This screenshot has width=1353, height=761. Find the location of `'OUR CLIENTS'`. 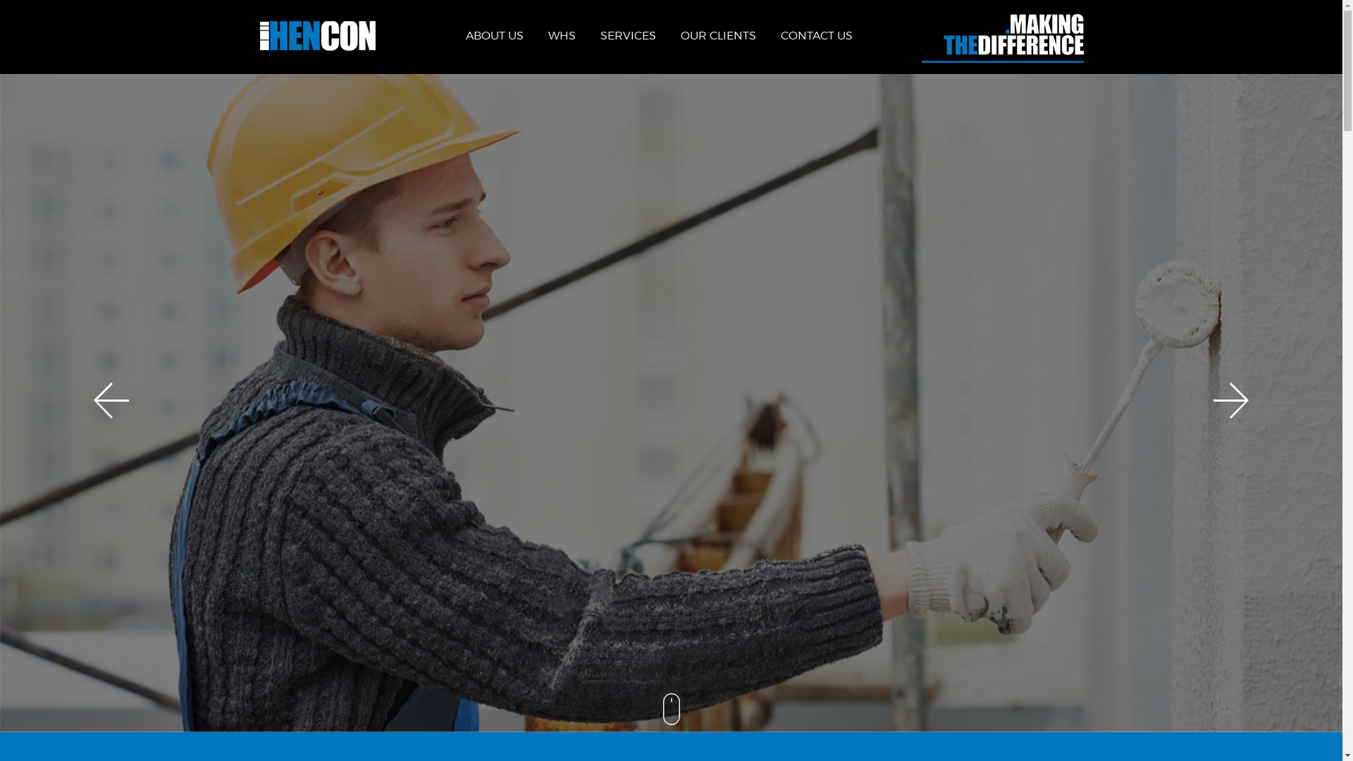

'OUR CLIENTS' is located at coordinates (680, 35).